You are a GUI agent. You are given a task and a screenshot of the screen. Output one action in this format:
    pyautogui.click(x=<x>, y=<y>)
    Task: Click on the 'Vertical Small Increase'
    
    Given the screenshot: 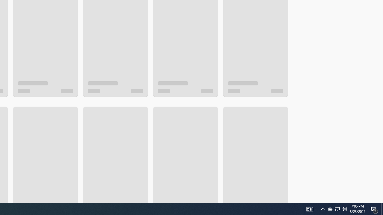 What is the action you would take?
    pyautogui.click(x=380, y=201)
    